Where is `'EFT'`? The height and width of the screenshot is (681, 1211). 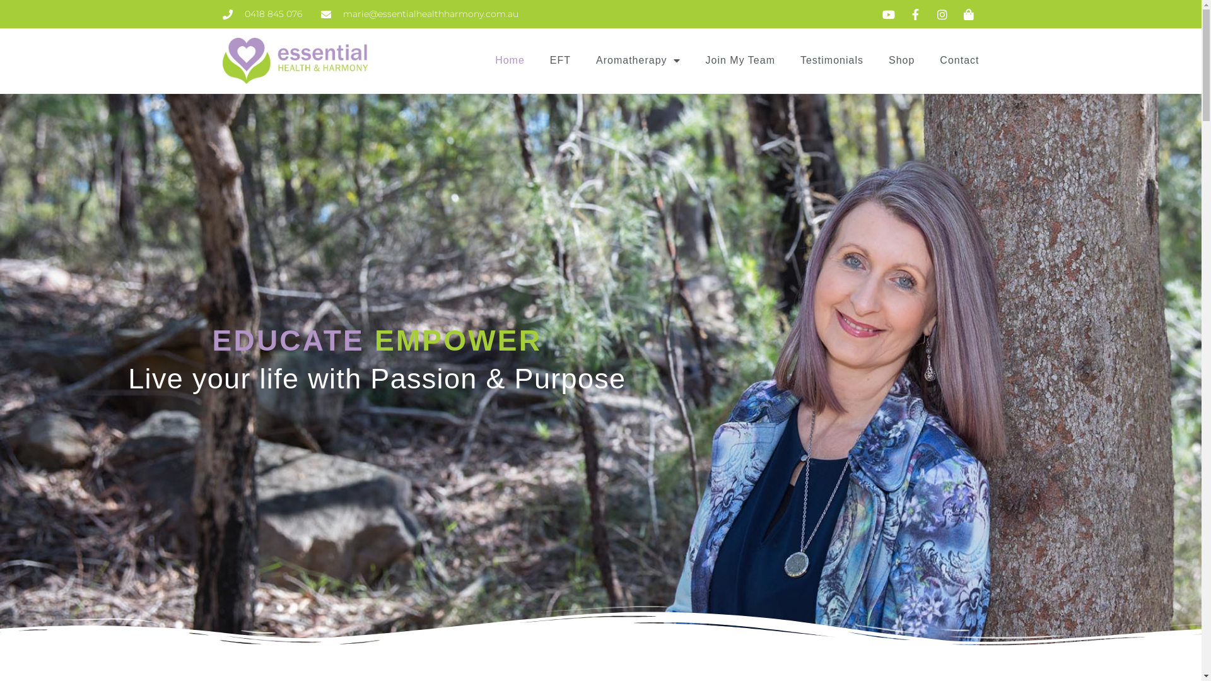
'EFT' is located at coordinates (559, 61).